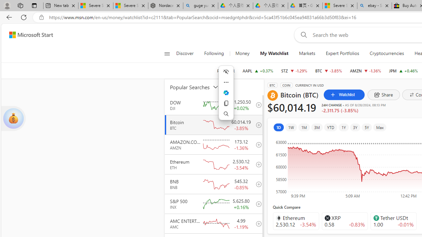  What do you see at coordinates (343, 127) in the screenshot?
I see `'1Y'` at bounding box center [343, 127].